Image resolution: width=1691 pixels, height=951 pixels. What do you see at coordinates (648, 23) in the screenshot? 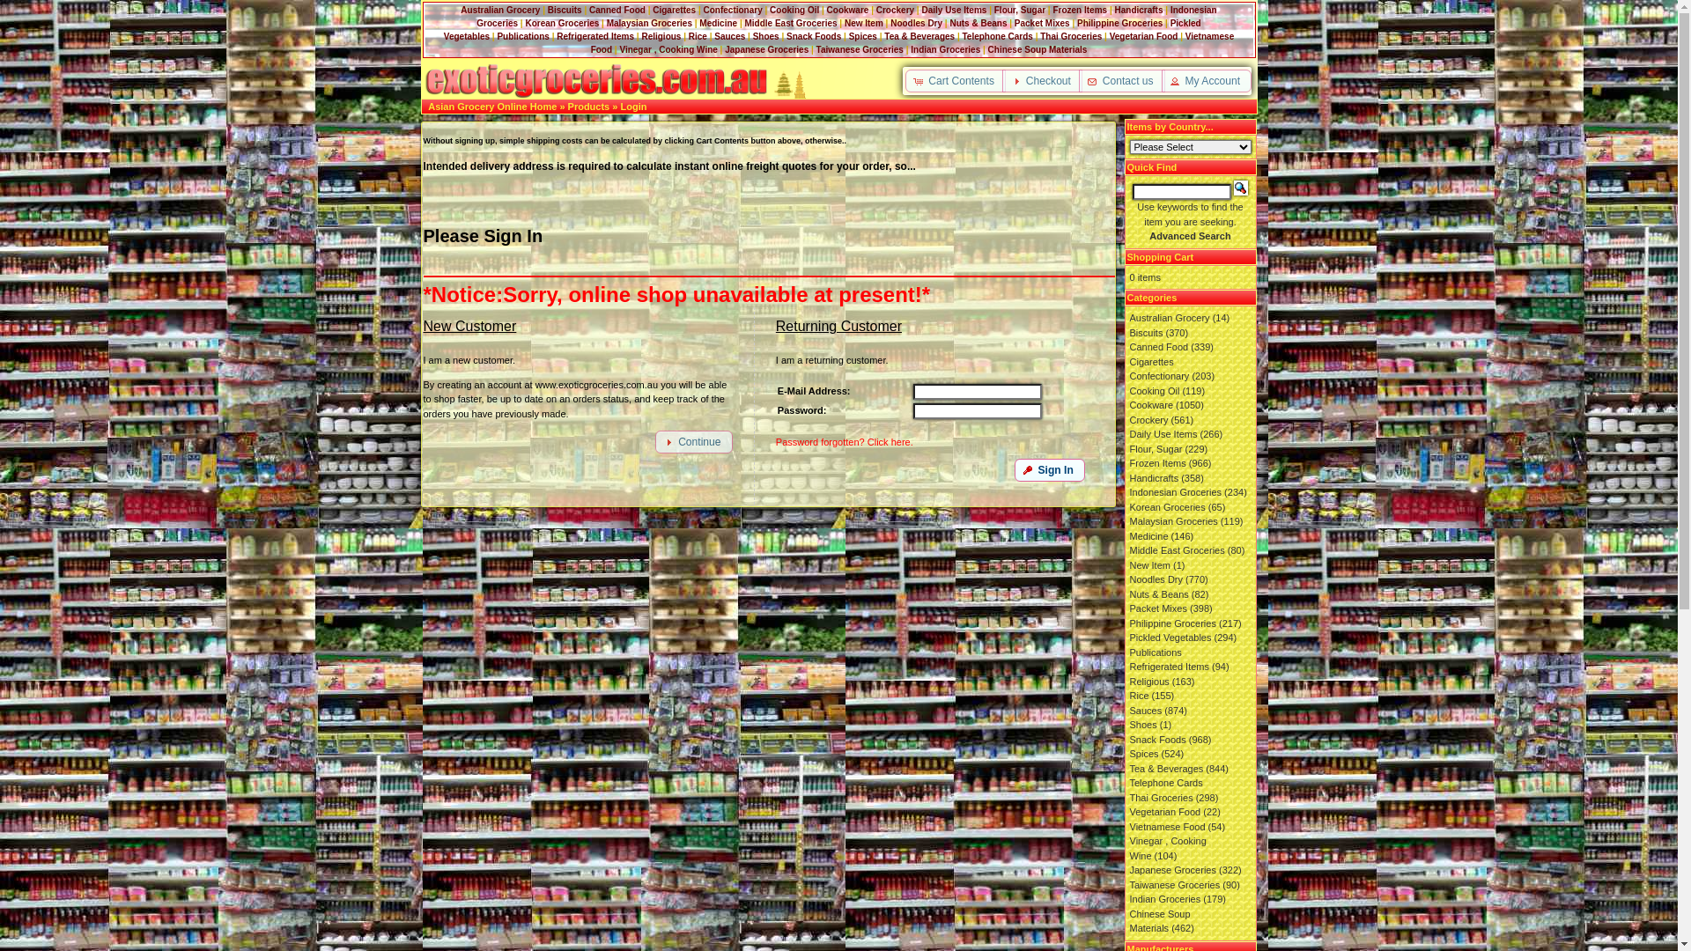
I see `'Malaysian Groceries'` at bounding box center [648, 23].